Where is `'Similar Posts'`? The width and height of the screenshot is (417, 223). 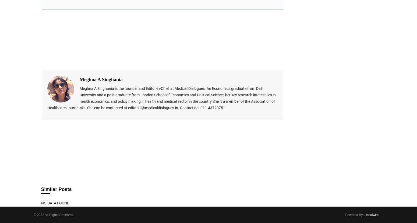
'Similar Posts' is located at coordinates (56, 189).